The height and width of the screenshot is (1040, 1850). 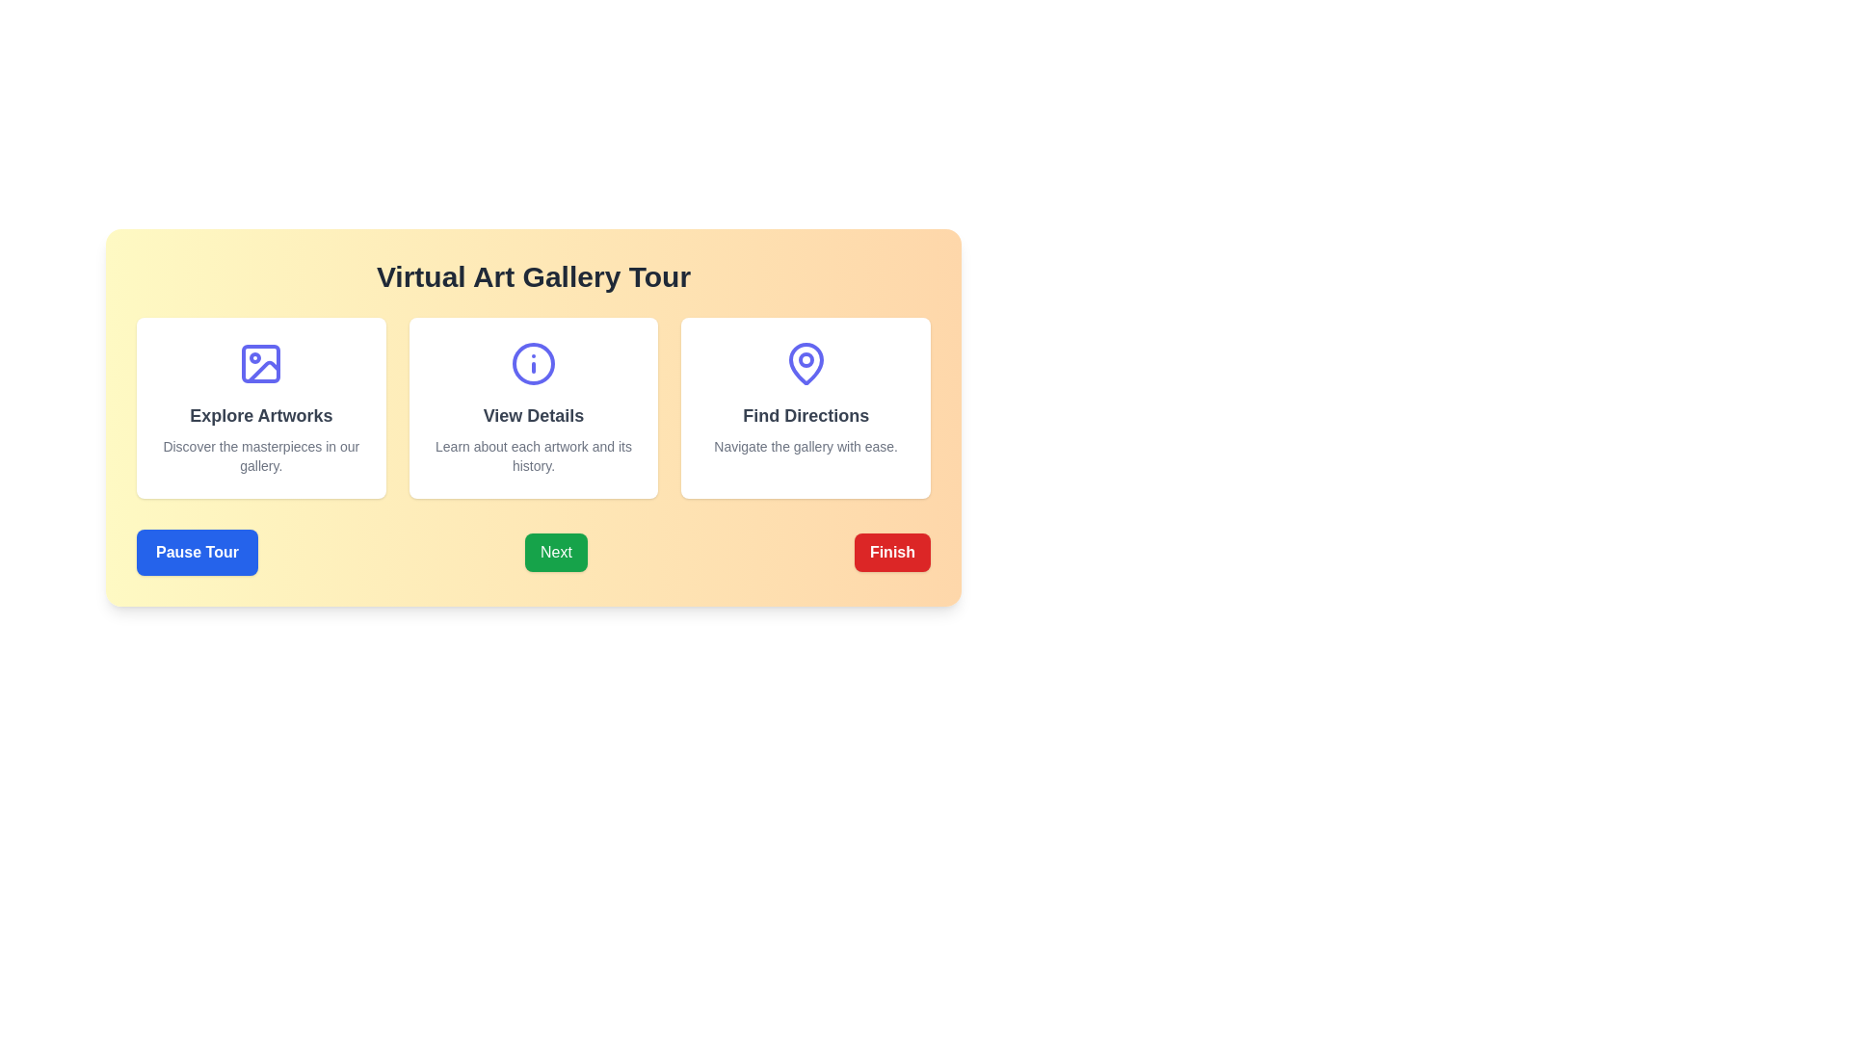 I want to click on the small circular graphical component with a thin border located at the center of the map pin icon in the rightmost card labeled 'Find Directions', so click(x=806, y=360).